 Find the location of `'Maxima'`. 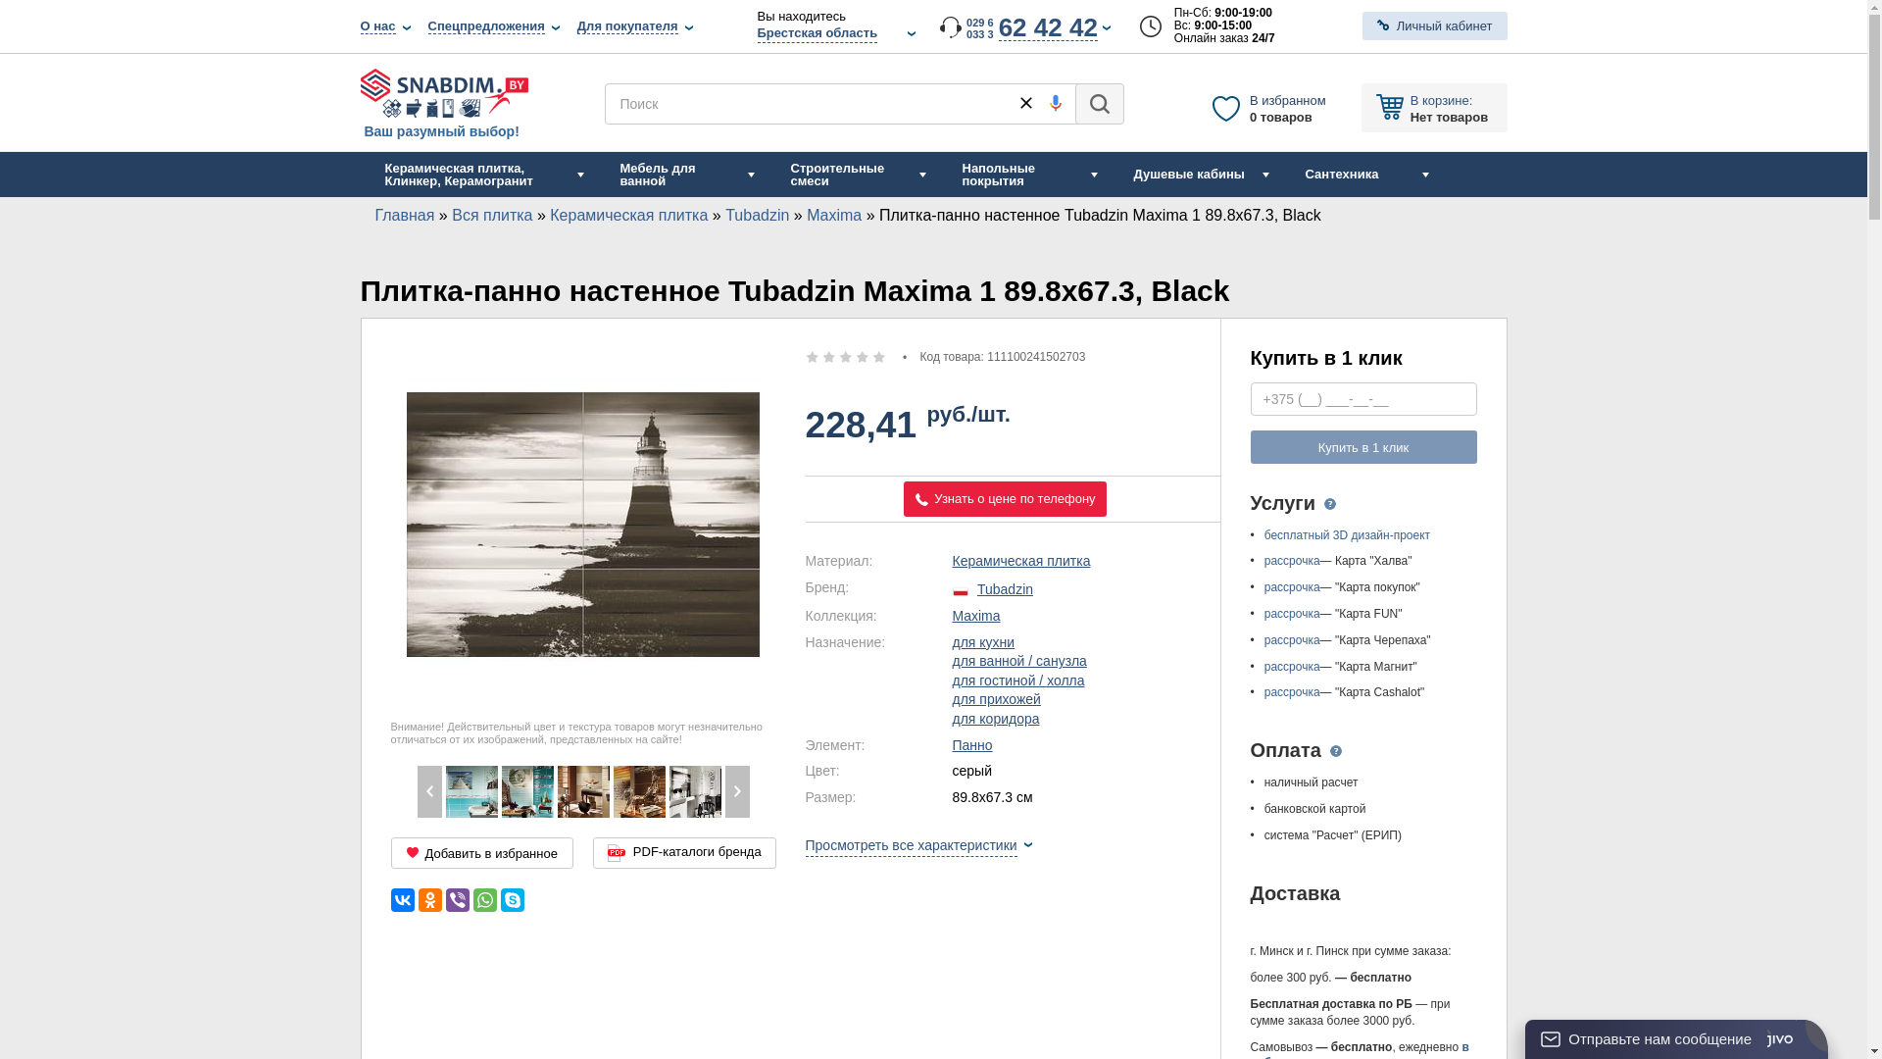

'Maxima' is located at coordinates (470, 790).